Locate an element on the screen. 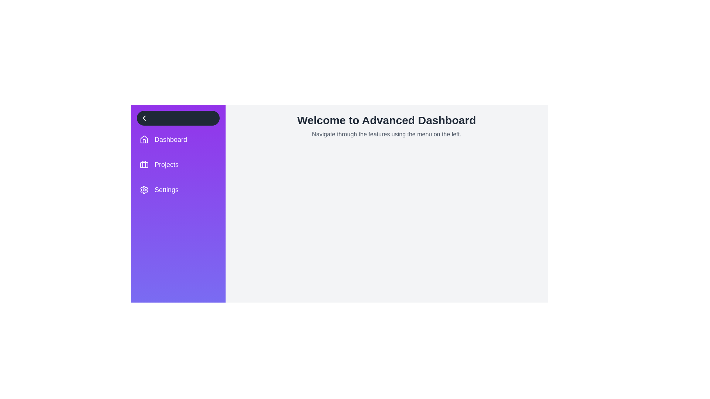 This screenshot has height=399, width=710. the menu item Projects to inspect its feedback is located at coordinates (178, 164).